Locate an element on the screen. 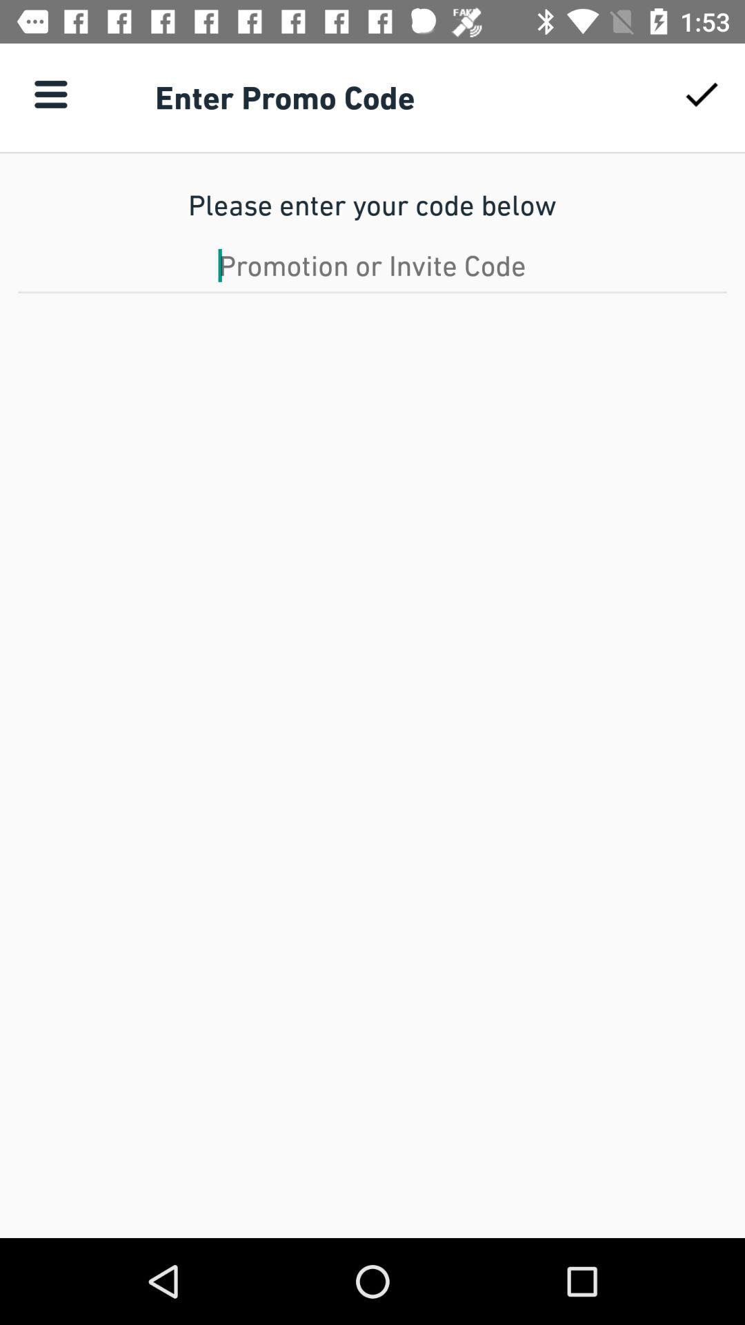 The image size is (745, 1325). a code here for a discount is located at coordinates (372, 265).